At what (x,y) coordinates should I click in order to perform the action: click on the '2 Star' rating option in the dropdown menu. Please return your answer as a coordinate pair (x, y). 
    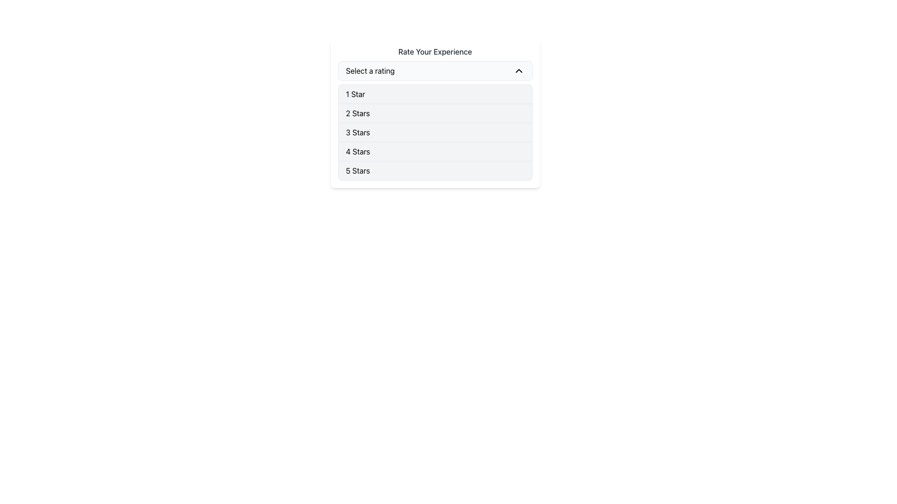
    Looking at the image, I should click on (434, 113).